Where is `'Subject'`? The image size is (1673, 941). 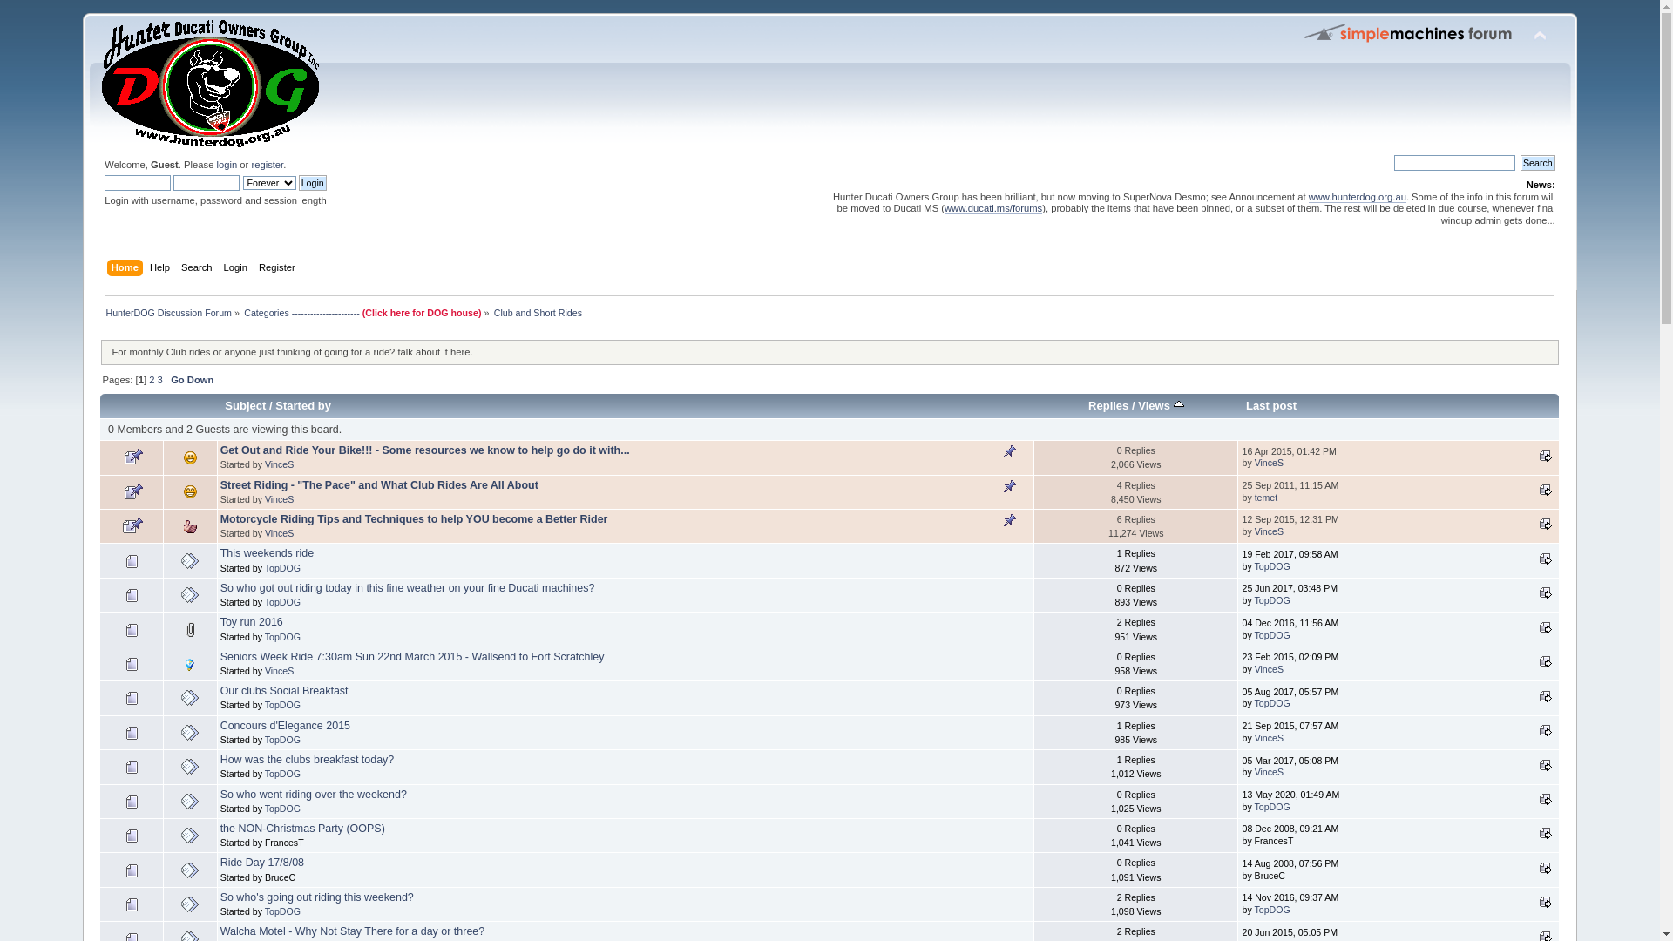 'Subject' is located at coordinates (244, 405).